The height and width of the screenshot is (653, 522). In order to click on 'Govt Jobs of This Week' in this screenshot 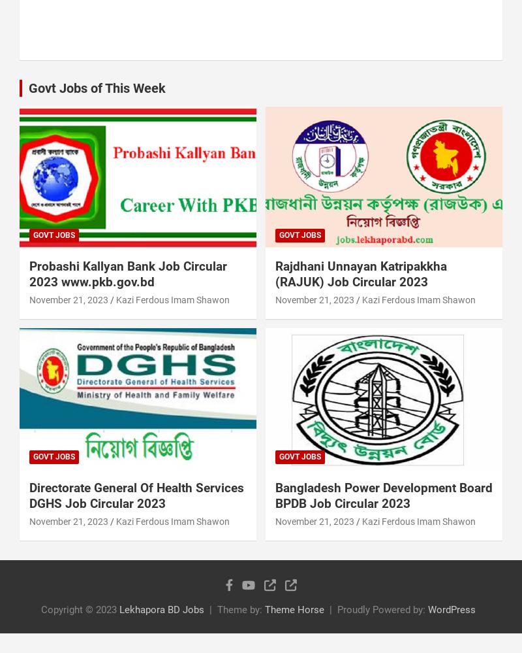, I will do `click(97, 87)`.